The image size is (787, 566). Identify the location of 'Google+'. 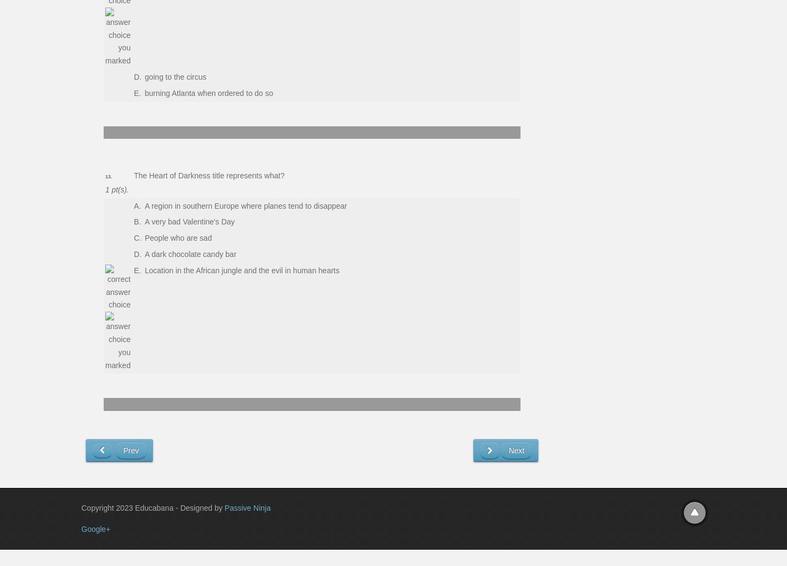
(95, 528).